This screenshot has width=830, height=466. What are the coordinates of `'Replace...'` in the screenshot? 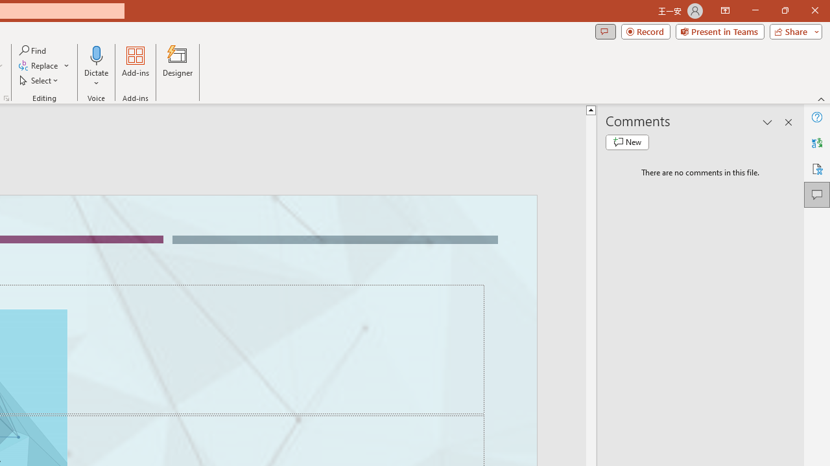 It's located at (39, 65).